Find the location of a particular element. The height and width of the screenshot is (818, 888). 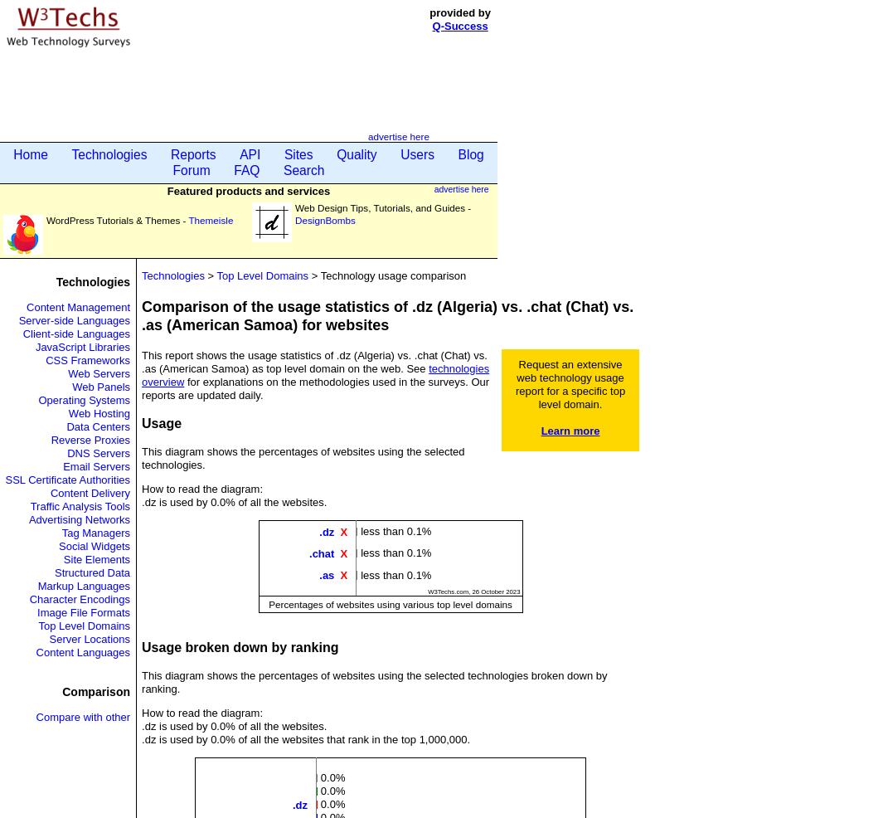

'Data Centers' is located at coordinates (98, 426).